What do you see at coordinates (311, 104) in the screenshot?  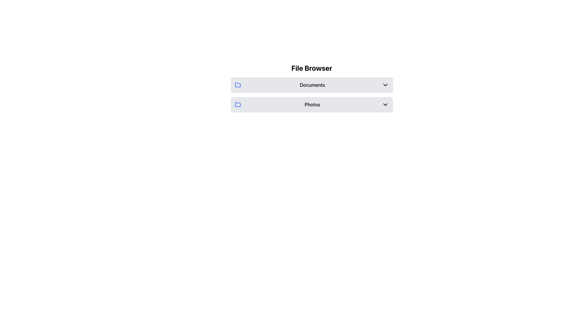 I see `the 'Photos' label on the light gray rectangular list item containing a blue folder icon and a downward-facing chevron icon, positioned below the 'Documents' item` at bounding box center [311, 104].